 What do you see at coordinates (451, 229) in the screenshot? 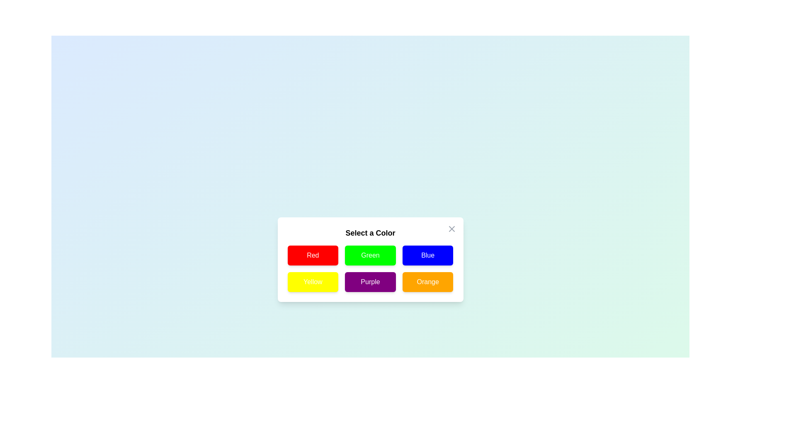
I see `the close button to close the panel` at bounding box center [451, 229].